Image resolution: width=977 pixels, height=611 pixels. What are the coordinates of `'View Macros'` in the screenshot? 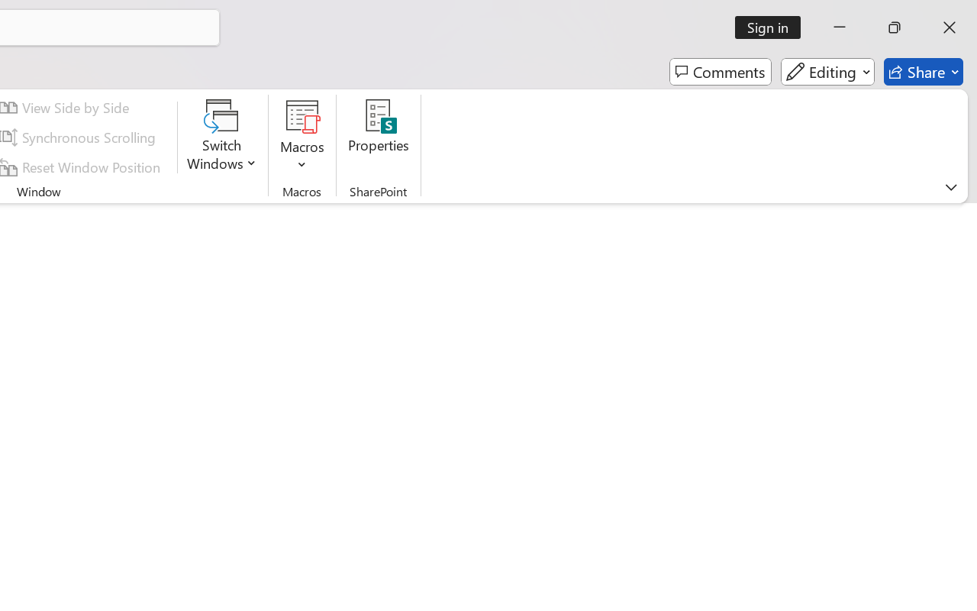 It's located at (302, 115).